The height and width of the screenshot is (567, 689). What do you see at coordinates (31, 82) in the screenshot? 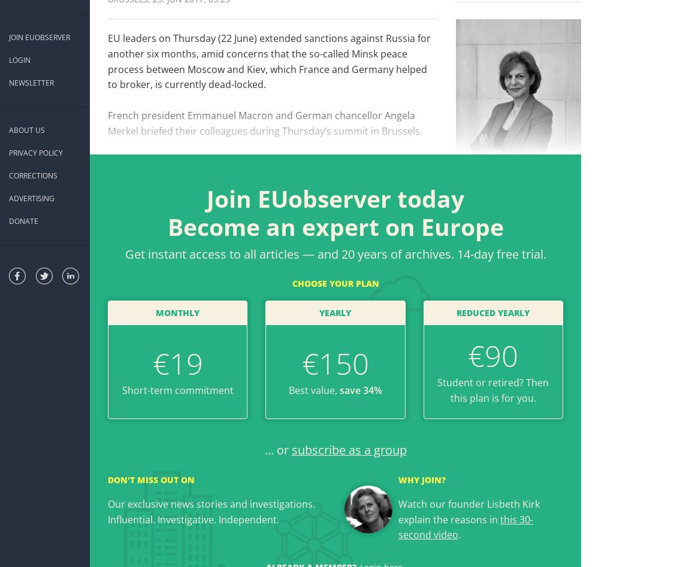
I see `'Newsletter'` at bounding box center [31, 82].